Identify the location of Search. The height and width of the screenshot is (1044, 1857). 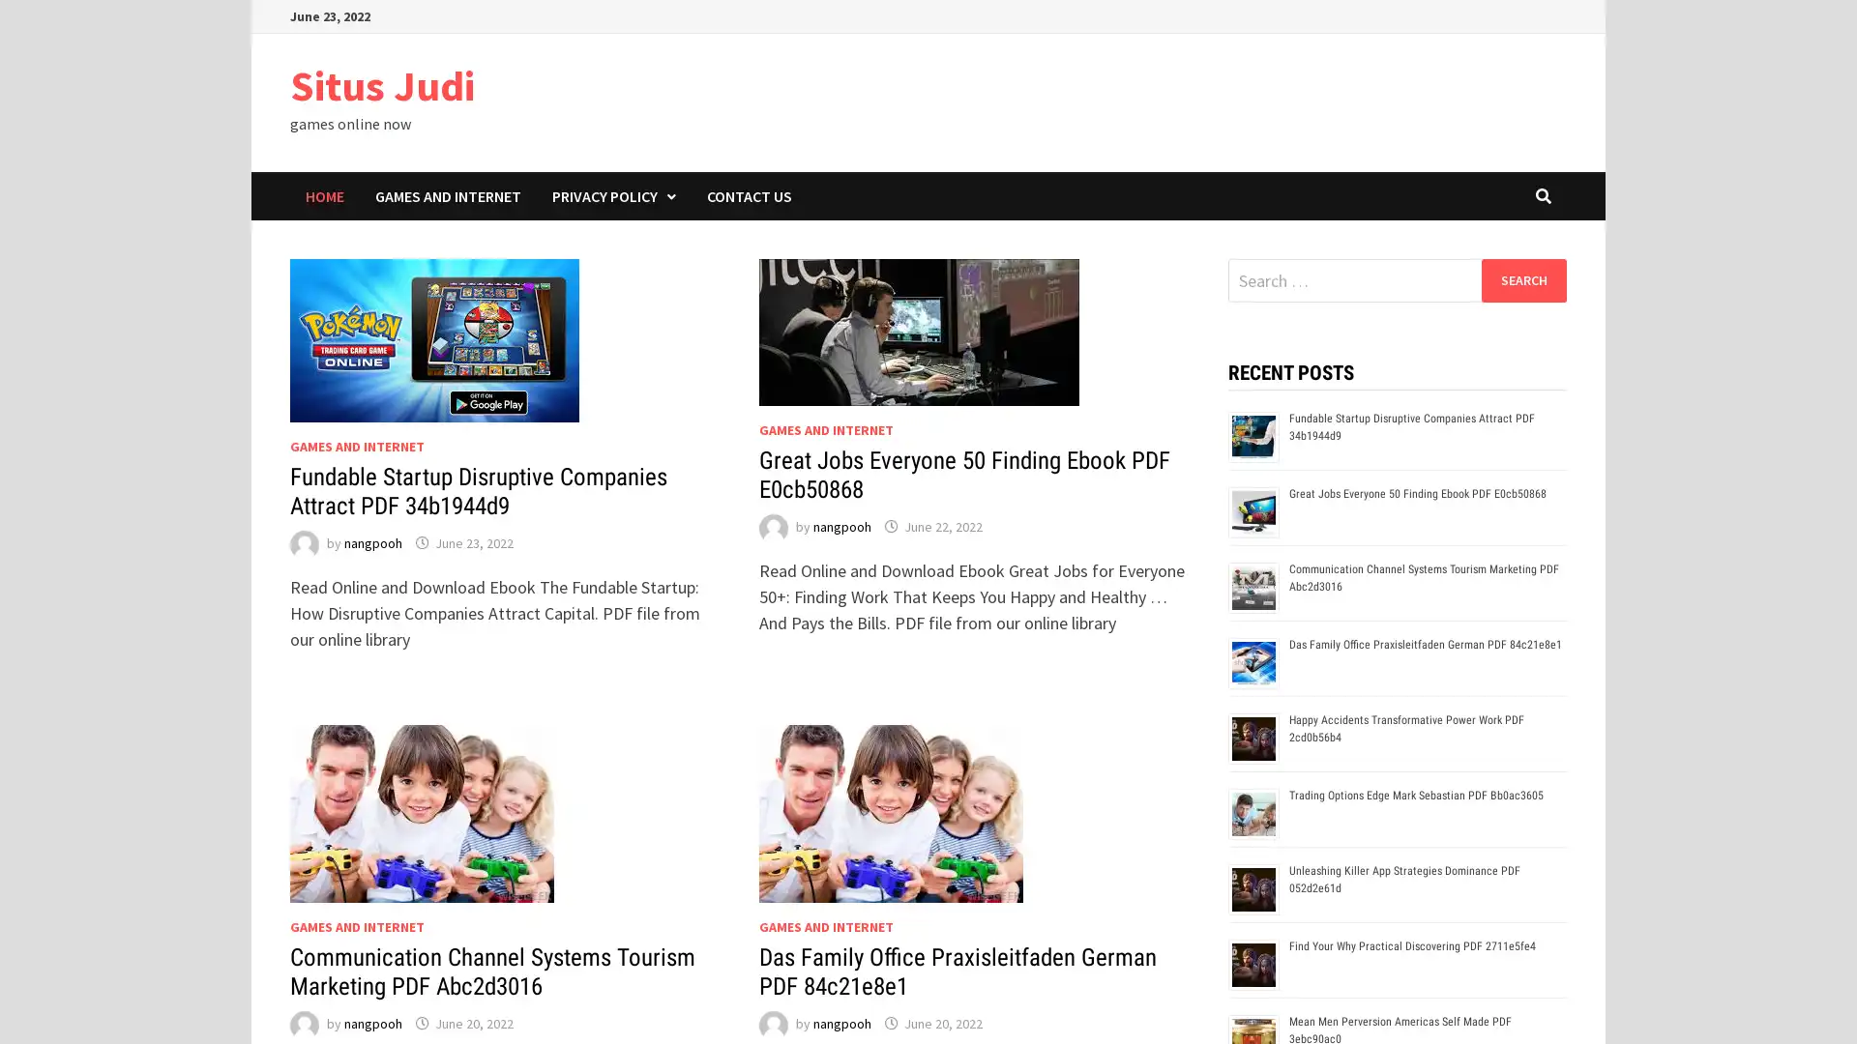
(1522, 279).